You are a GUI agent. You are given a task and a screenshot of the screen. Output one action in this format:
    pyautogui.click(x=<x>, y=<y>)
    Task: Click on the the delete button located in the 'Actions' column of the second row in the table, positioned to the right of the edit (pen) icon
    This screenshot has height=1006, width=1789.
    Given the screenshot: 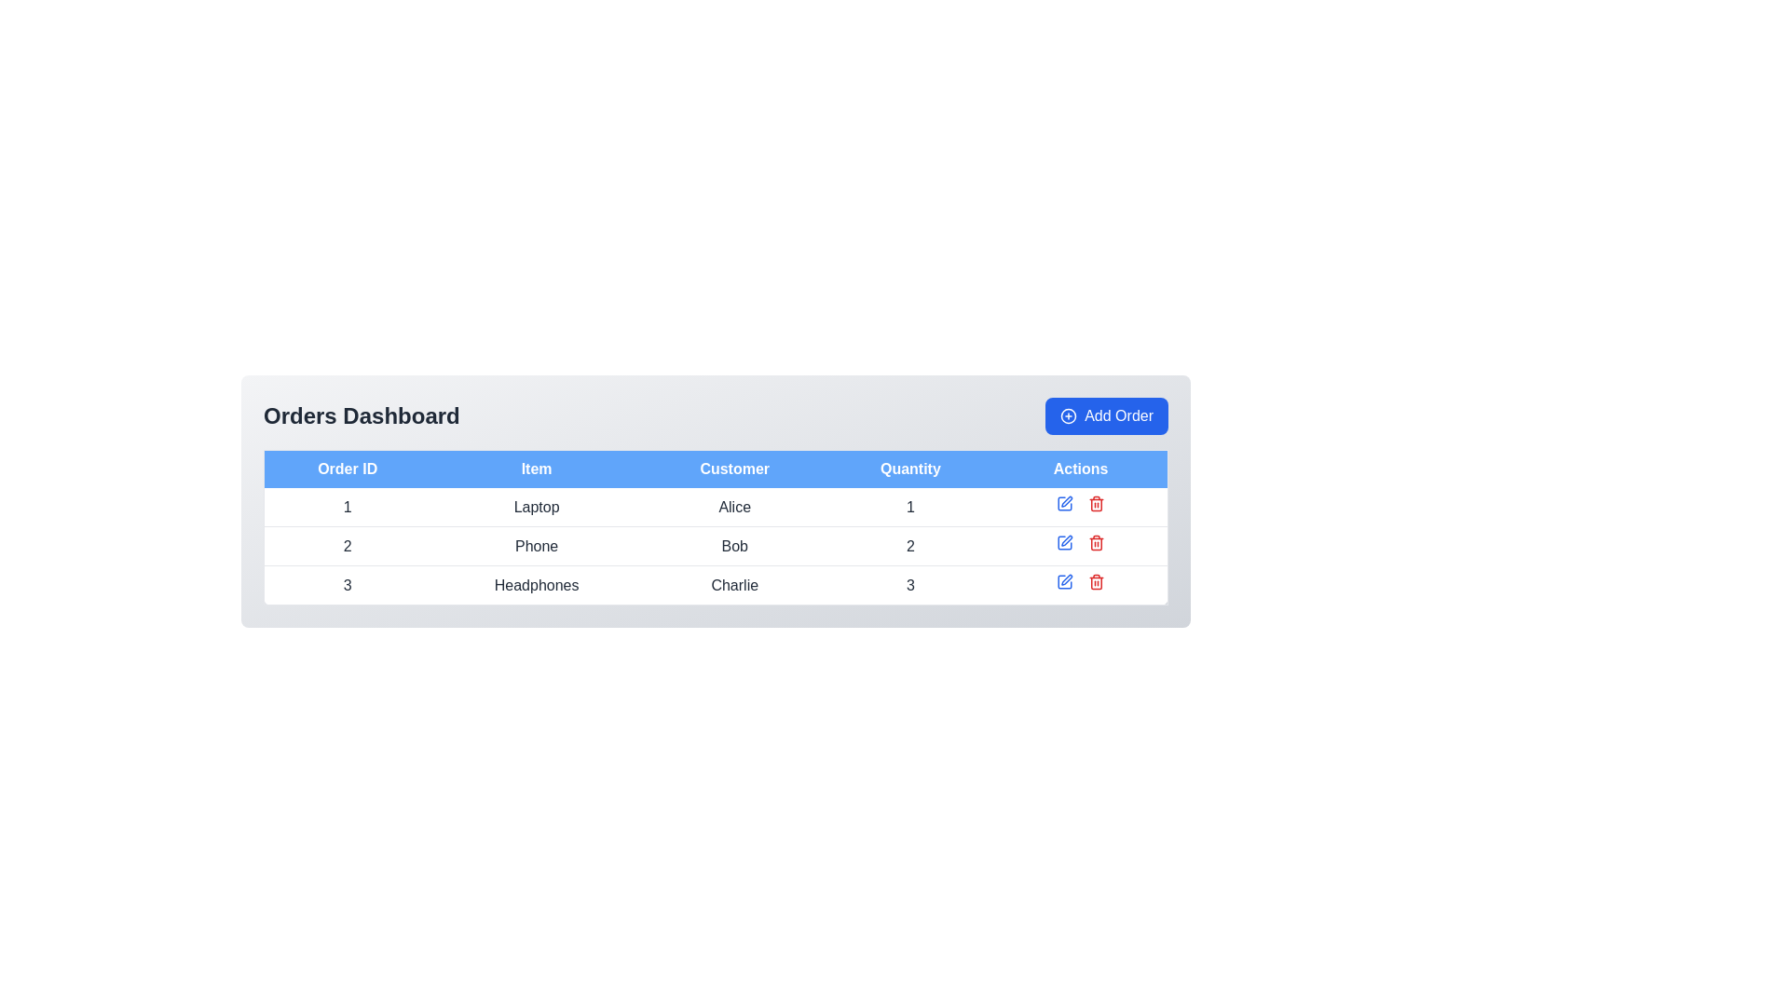 What is the action you would take?
    pyautogui.click(x=1097, y=542)
    